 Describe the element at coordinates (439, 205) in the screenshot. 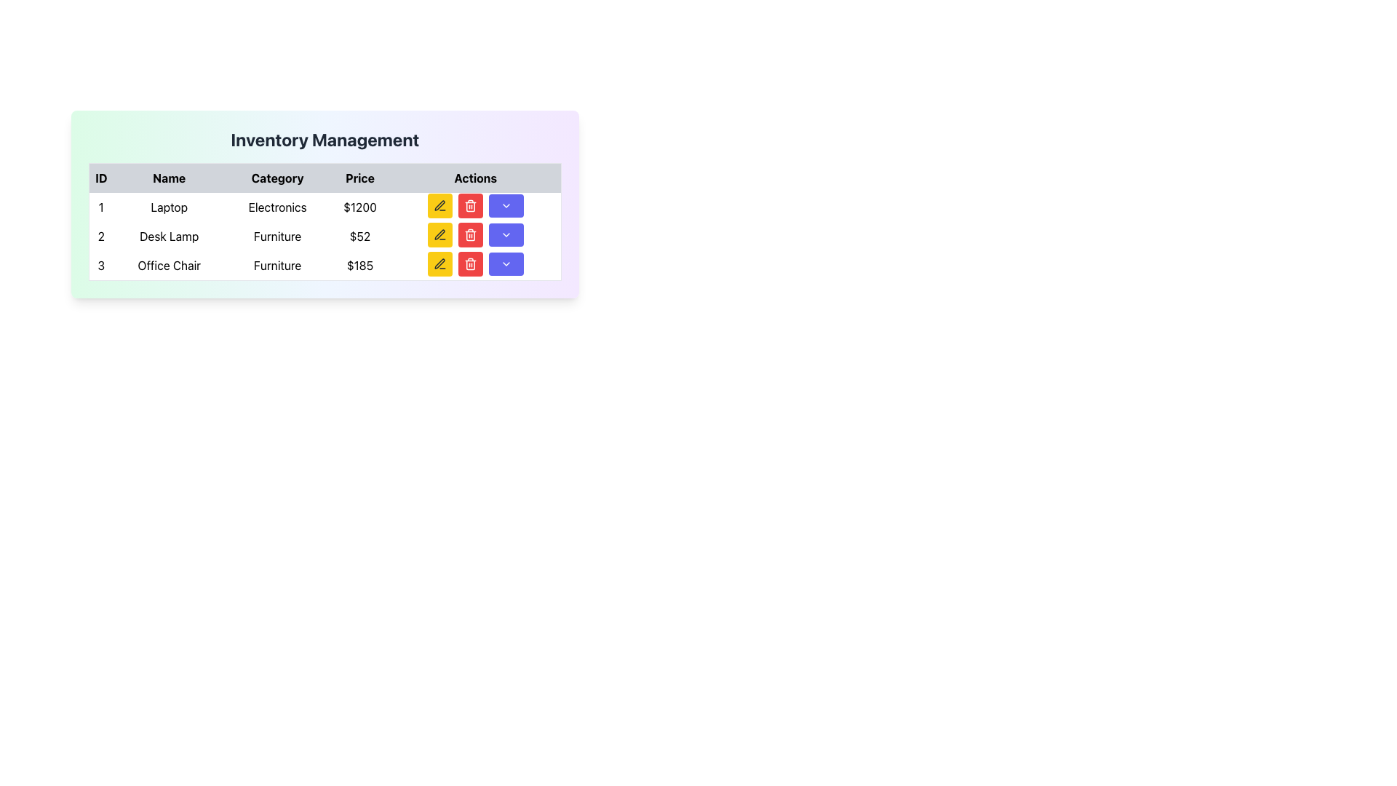

I see `the edit button icon located in the first column of the 'Actions' section for the first row entry ('Laptop')` at that location.